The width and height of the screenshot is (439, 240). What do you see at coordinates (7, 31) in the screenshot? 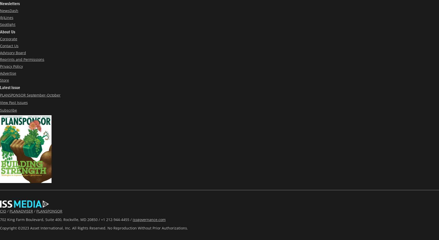
I see `'About Us'` at bounding box center [7, 31].